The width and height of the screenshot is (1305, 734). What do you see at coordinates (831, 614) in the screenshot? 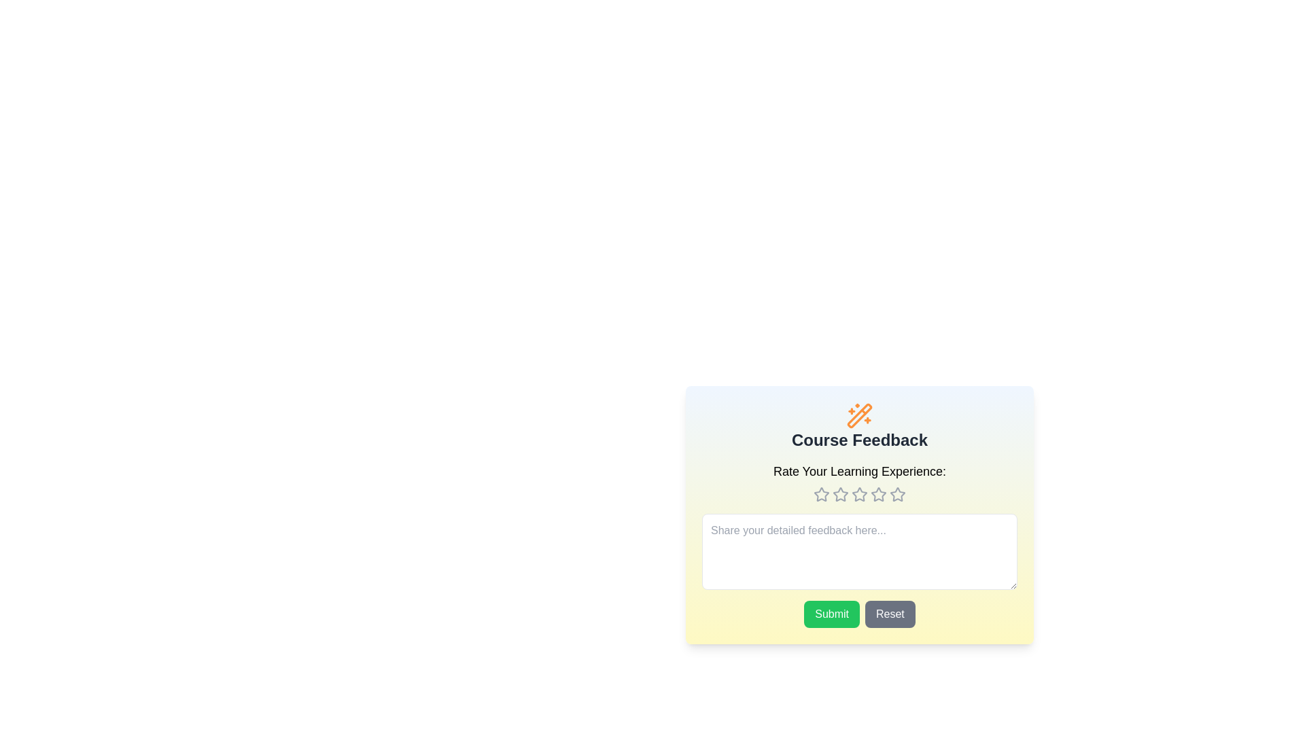
I see `the 'Submit' button to submit the feedback` at bounding box center [831, 614].